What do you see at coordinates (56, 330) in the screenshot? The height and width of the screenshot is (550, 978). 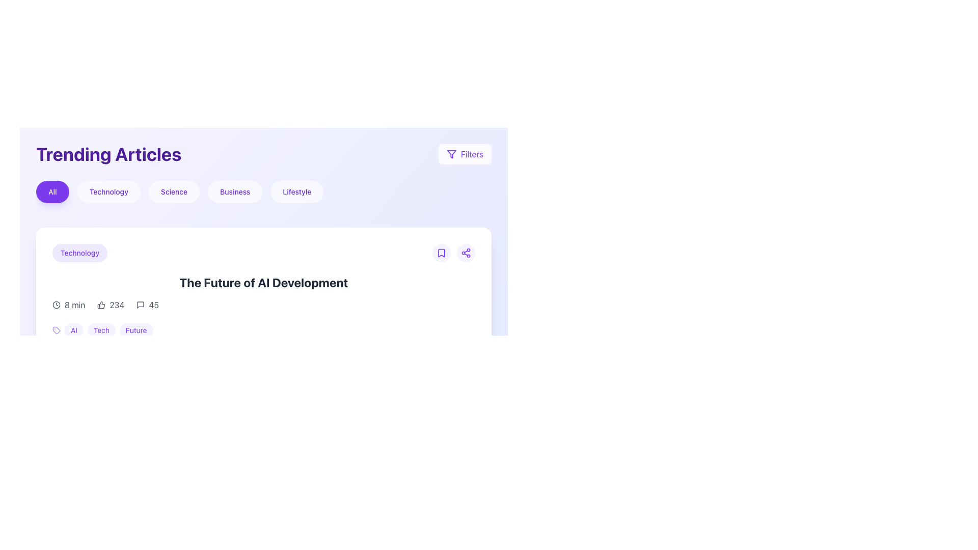 I see `small, tag-shaped icon with a violet border and dot inside, located on the leftmost side of a horizontal group of elements including tags like 'AI', 'Tech', and 'Future'` at bounding box center [56, 330].